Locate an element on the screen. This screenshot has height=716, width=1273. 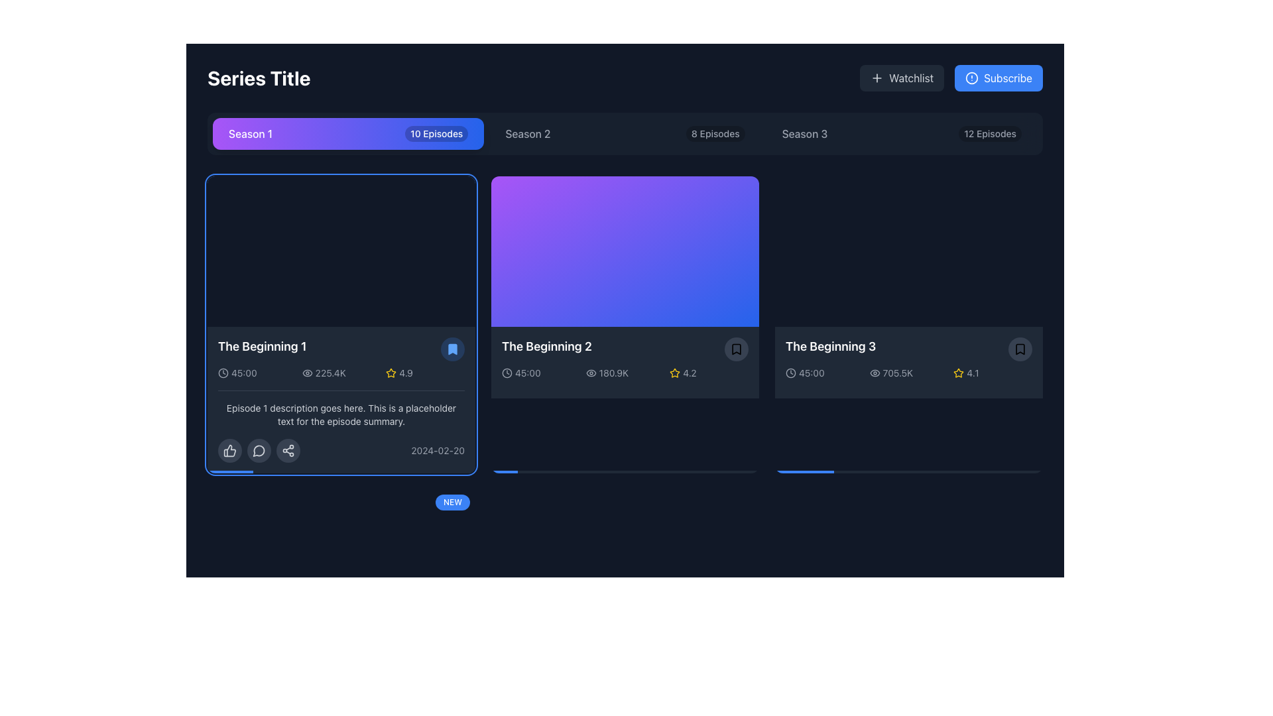
progress level is located at coordinates (906, 471).